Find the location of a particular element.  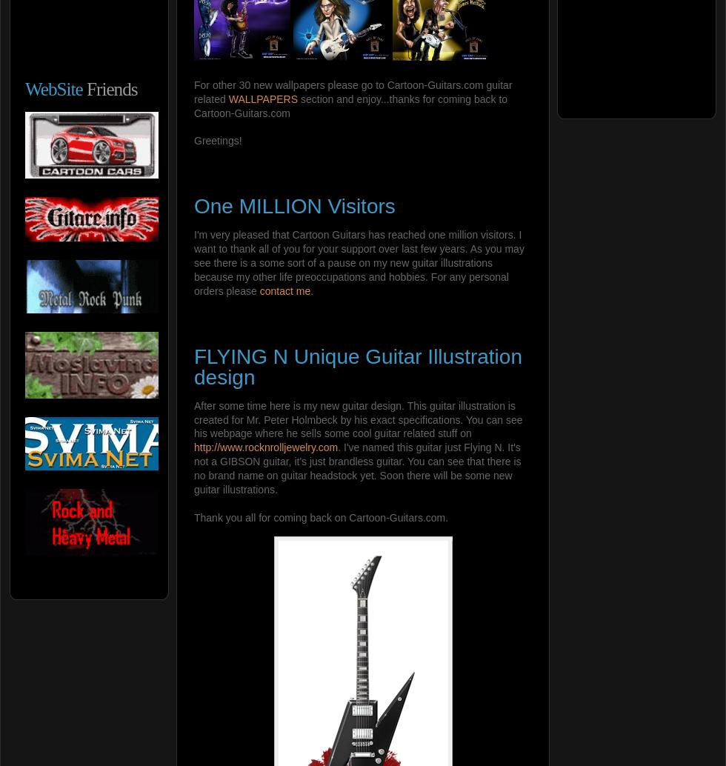

'I'm very pleased that Cartoon Guitars has reached one million visitors. I want to thank all of you for your support over last few years. As you may see there is a some sort of a pause on my new guitar illustrations because my other life preoccupations and hobbies. For any personal orders please' is located at coordinates (359, 262).